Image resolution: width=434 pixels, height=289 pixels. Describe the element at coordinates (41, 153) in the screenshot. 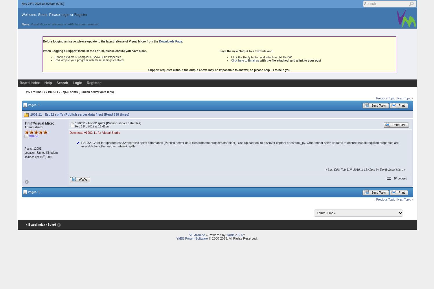

I see `'Location: United Kingdom'` at that location.